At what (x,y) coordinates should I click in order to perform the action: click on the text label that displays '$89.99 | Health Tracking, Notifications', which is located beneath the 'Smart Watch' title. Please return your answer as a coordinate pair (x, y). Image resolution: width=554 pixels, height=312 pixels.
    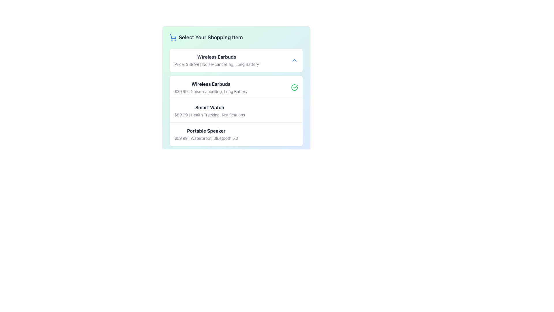
    Looking at the image, I should click on (209, 115).